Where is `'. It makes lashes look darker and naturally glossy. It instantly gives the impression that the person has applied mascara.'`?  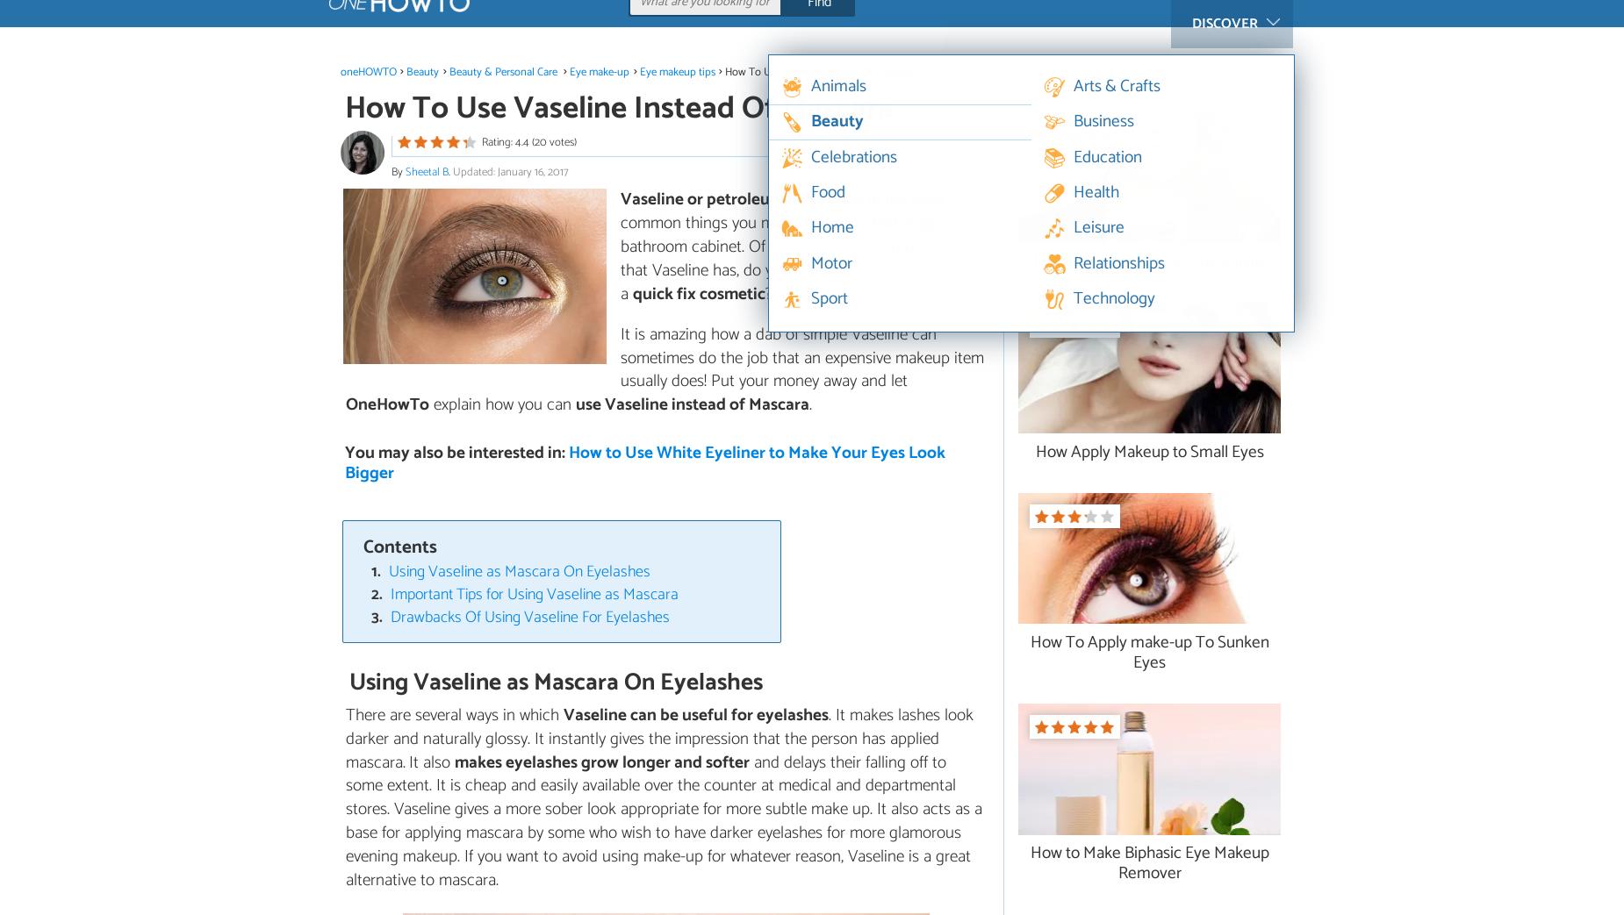 '. It makes lashes look darker and naturally glossy. It instantly gives the impression that the person has applied mascara.' is located at coordinates (659, 738).